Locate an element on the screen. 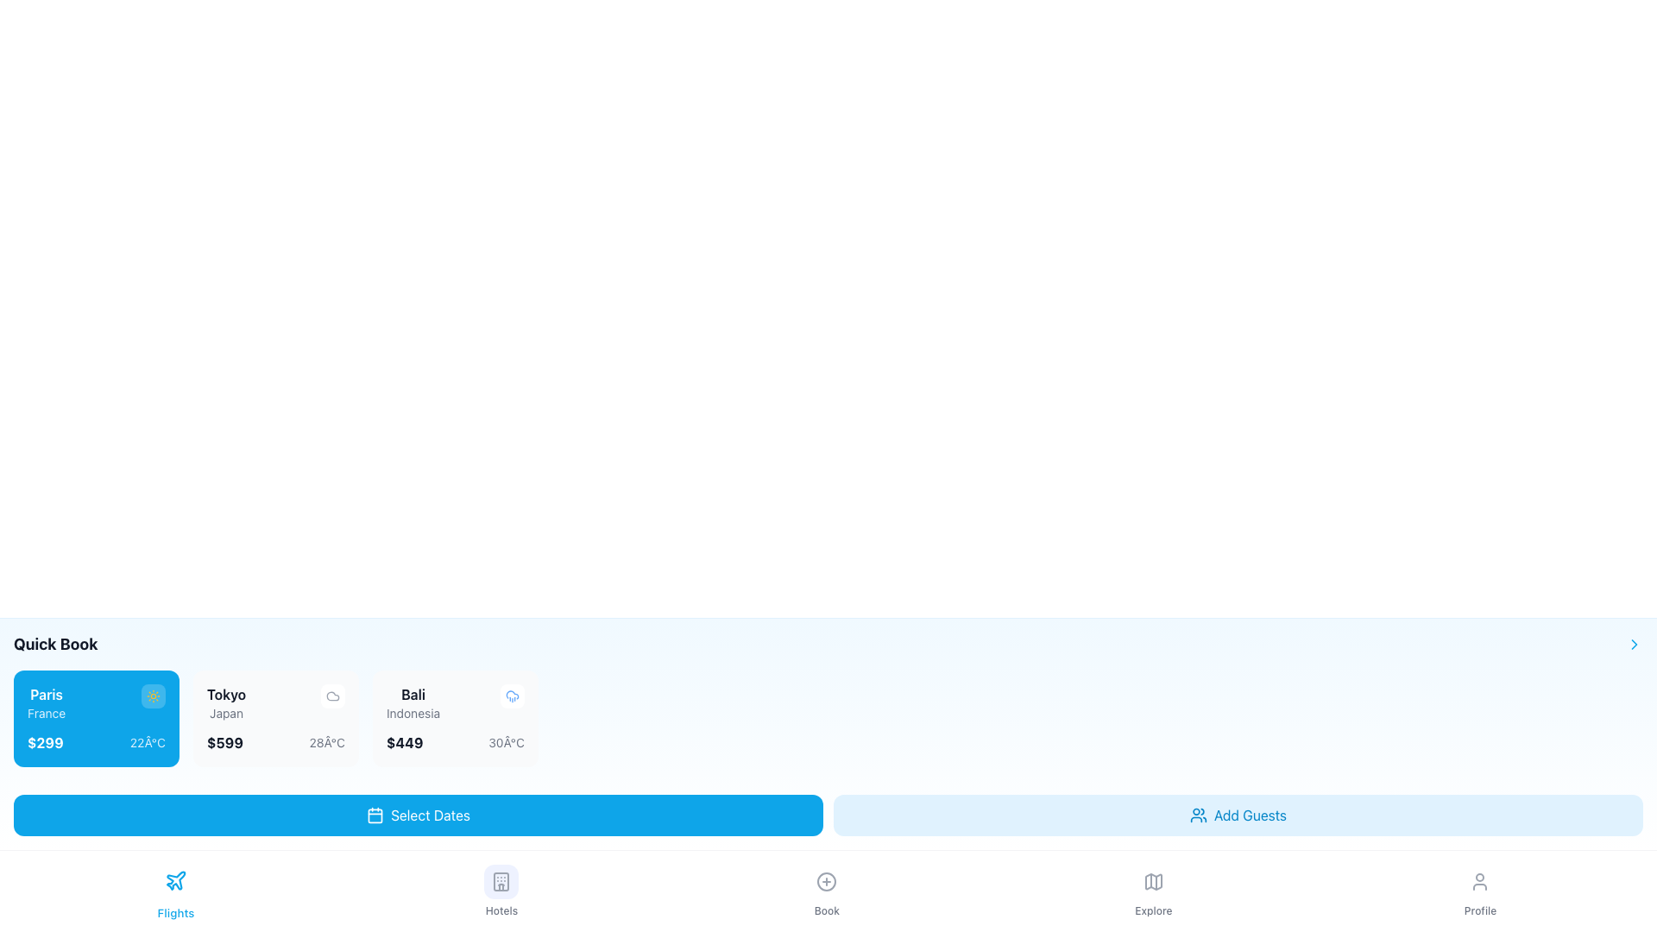 This screenshot has width=1657, height=932. the 'Add Guests' button, which contains a small blue icon of a group of people on its left side is located at coordinates (1196, 815).